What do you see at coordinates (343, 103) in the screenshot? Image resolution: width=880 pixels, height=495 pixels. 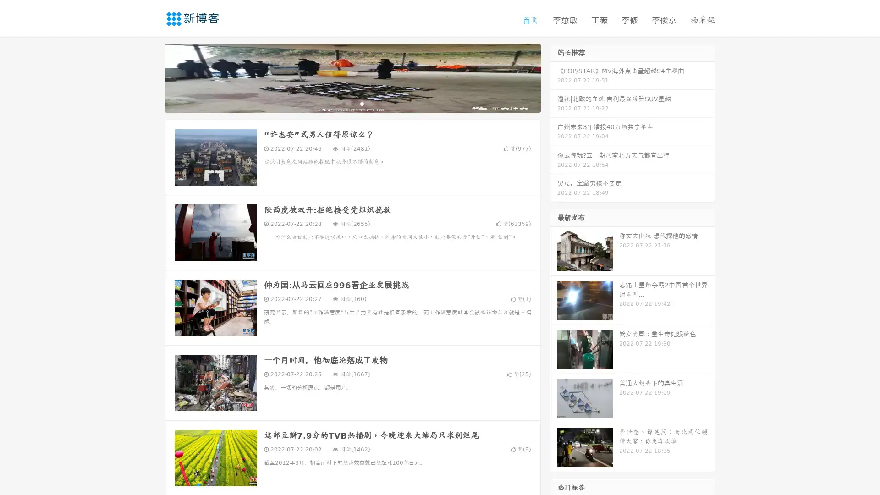 I see `Go to slide 1` at bounding box center [343, 103].